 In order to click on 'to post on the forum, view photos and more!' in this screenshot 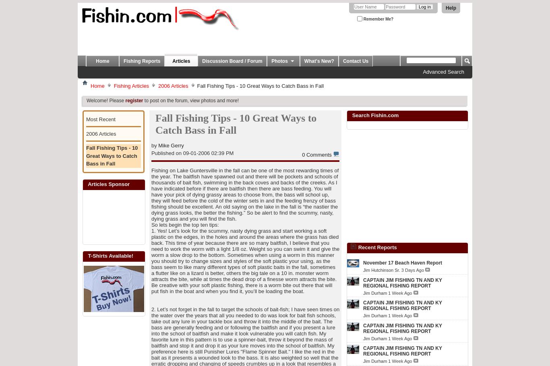, I will do `click(143, 100)`.